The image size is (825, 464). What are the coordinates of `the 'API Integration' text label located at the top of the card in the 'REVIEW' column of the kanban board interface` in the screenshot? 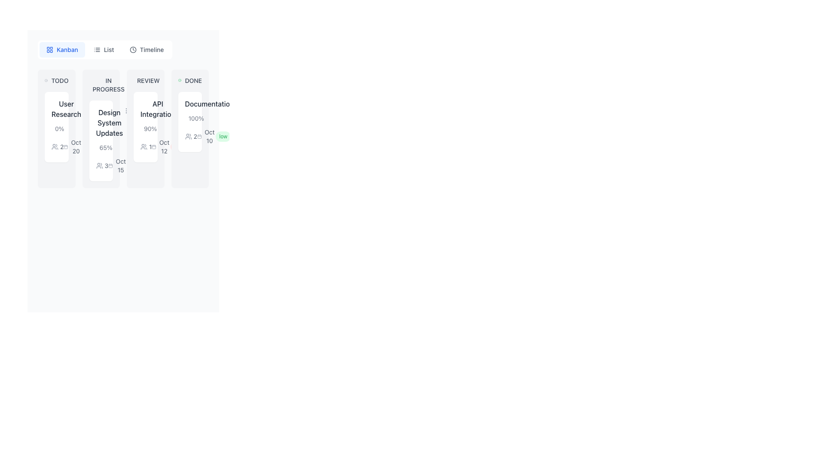 It's located at (158, 109).